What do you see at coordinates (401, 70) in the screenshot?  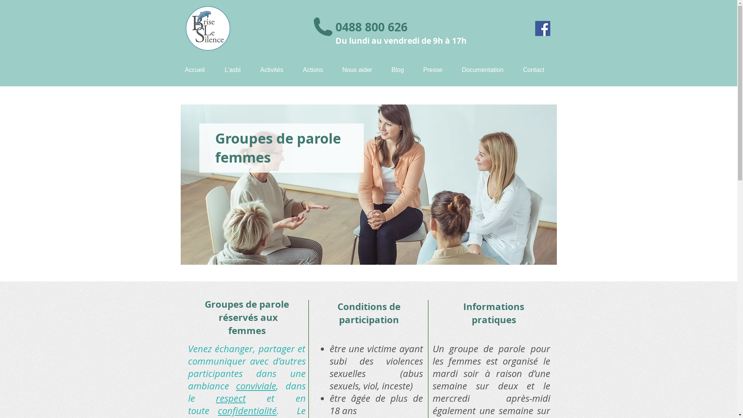 I see `'Blog'` at bounding box center [401, 70].